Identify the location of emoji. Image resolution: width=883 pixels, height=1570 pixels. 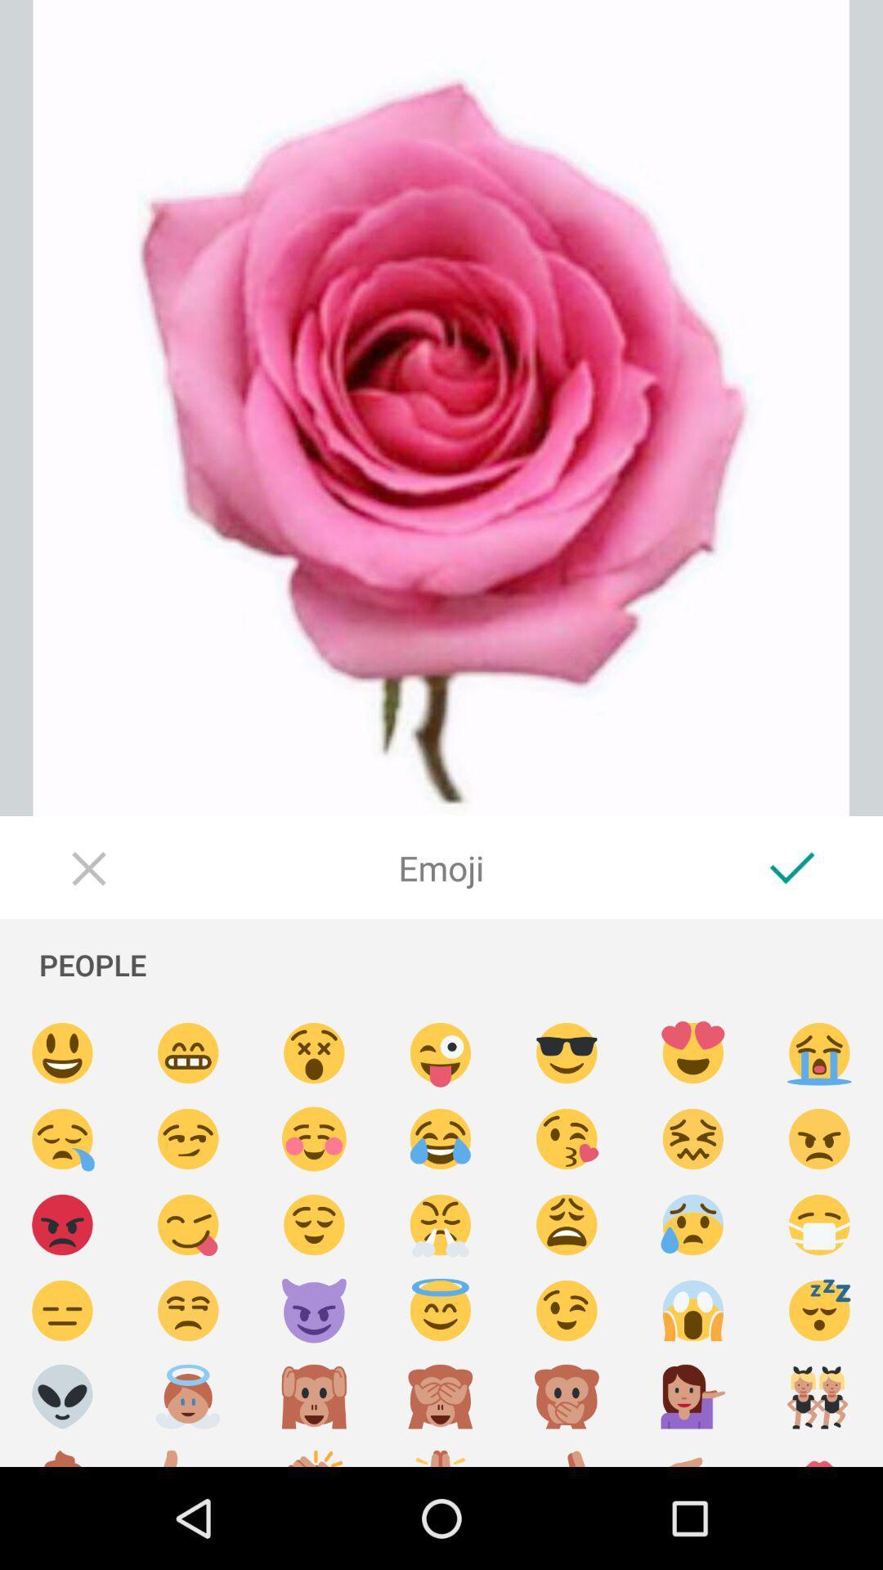
(566, 1396).